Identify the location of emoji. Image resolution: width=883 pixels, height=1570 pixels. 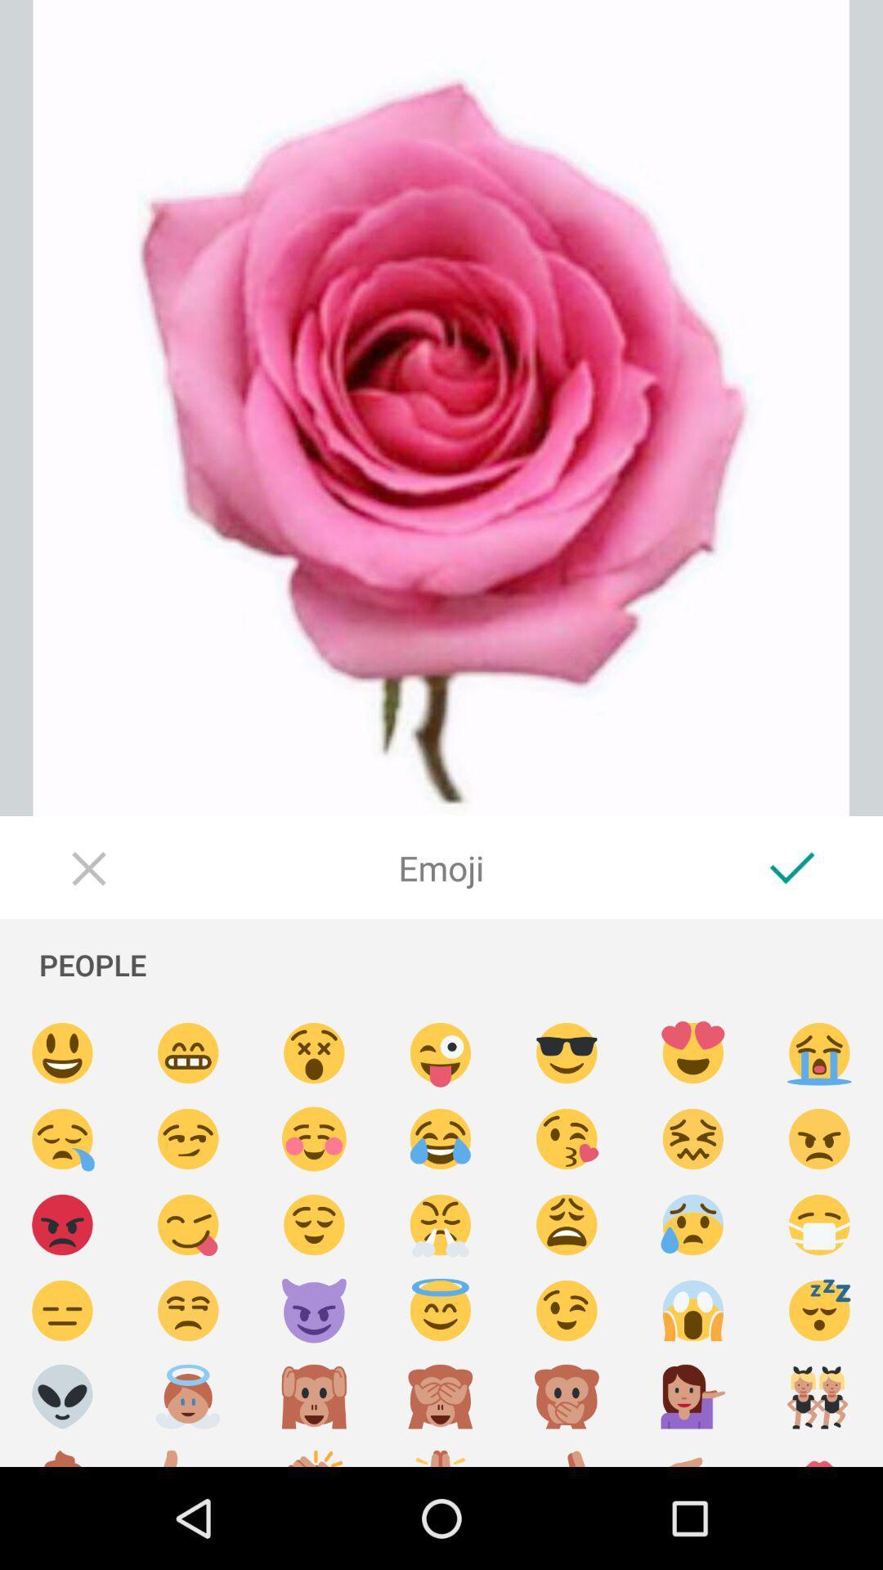
(566, 1396).